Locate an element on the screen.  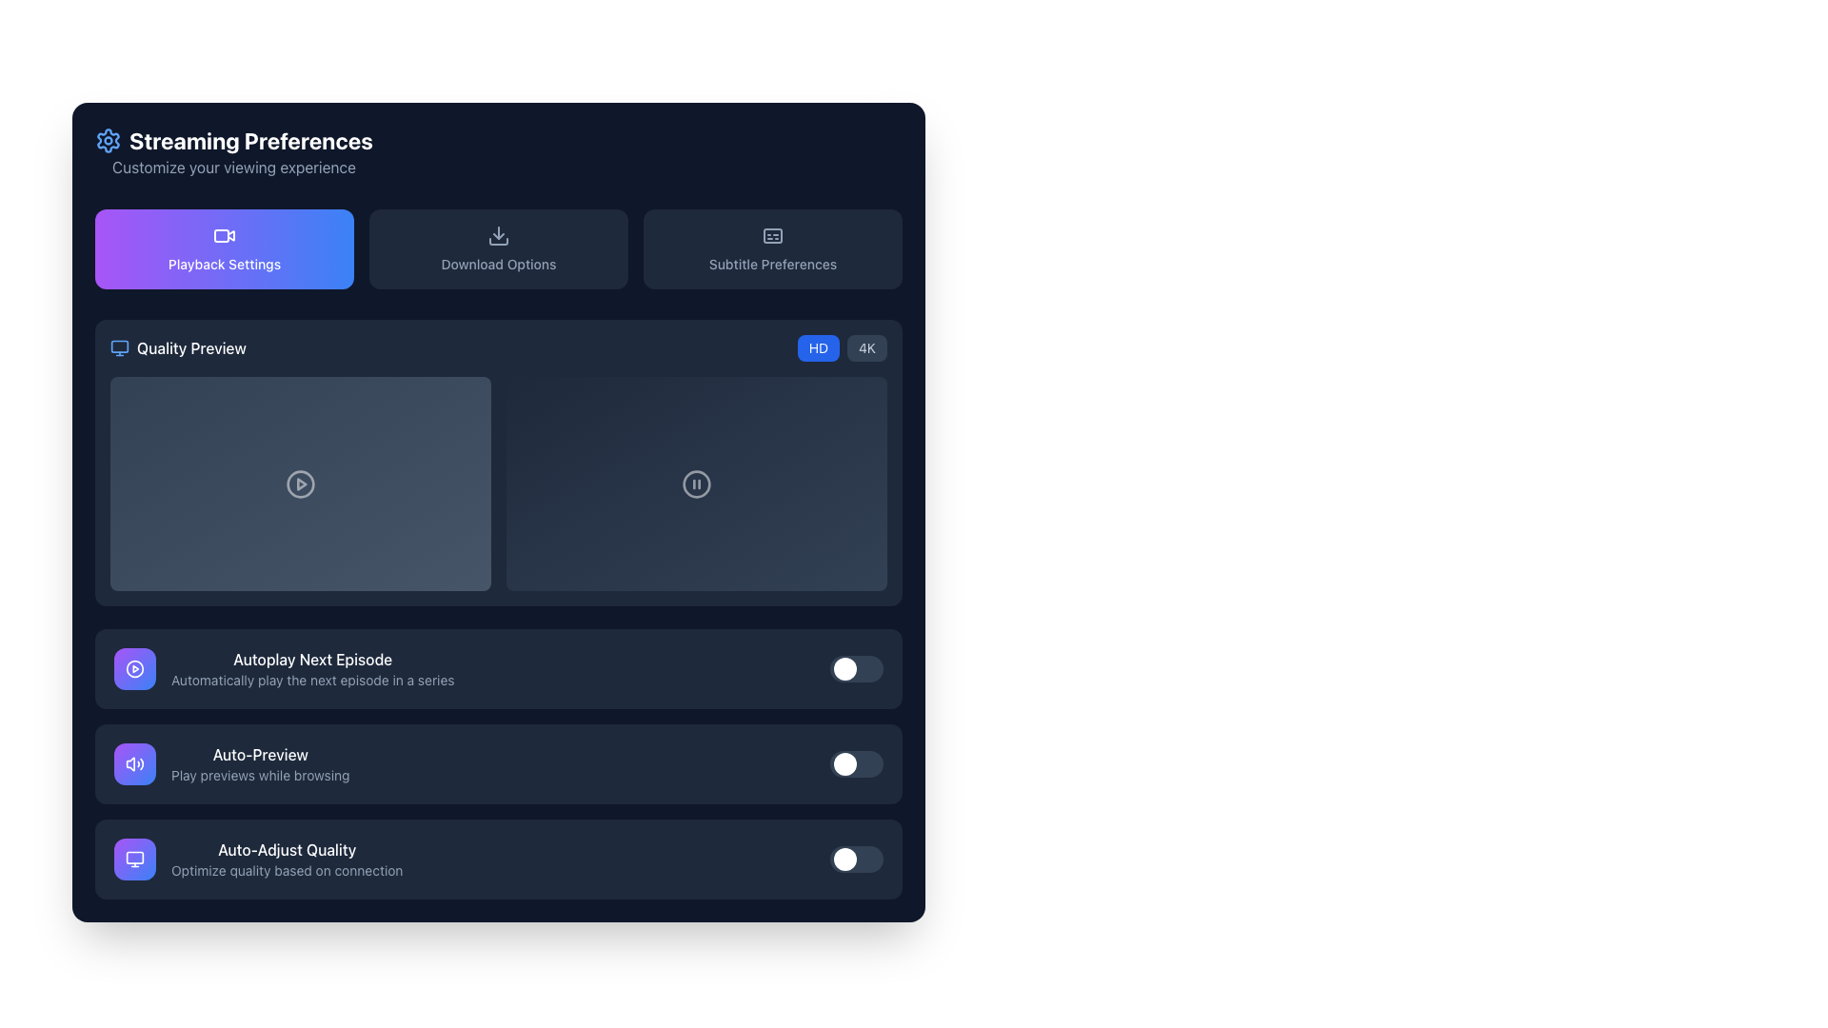
the blue-colored monitor icon with rounded corners and a stand, located to the left of the 'Quality Preview' text label is located at coordinates (118, 348).